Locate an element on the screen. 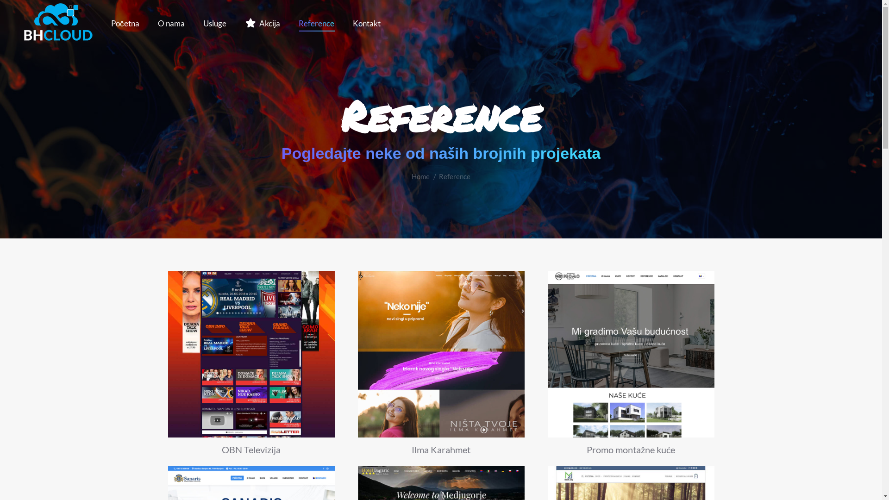  'Akcija' is located at coordinates (244, 23).